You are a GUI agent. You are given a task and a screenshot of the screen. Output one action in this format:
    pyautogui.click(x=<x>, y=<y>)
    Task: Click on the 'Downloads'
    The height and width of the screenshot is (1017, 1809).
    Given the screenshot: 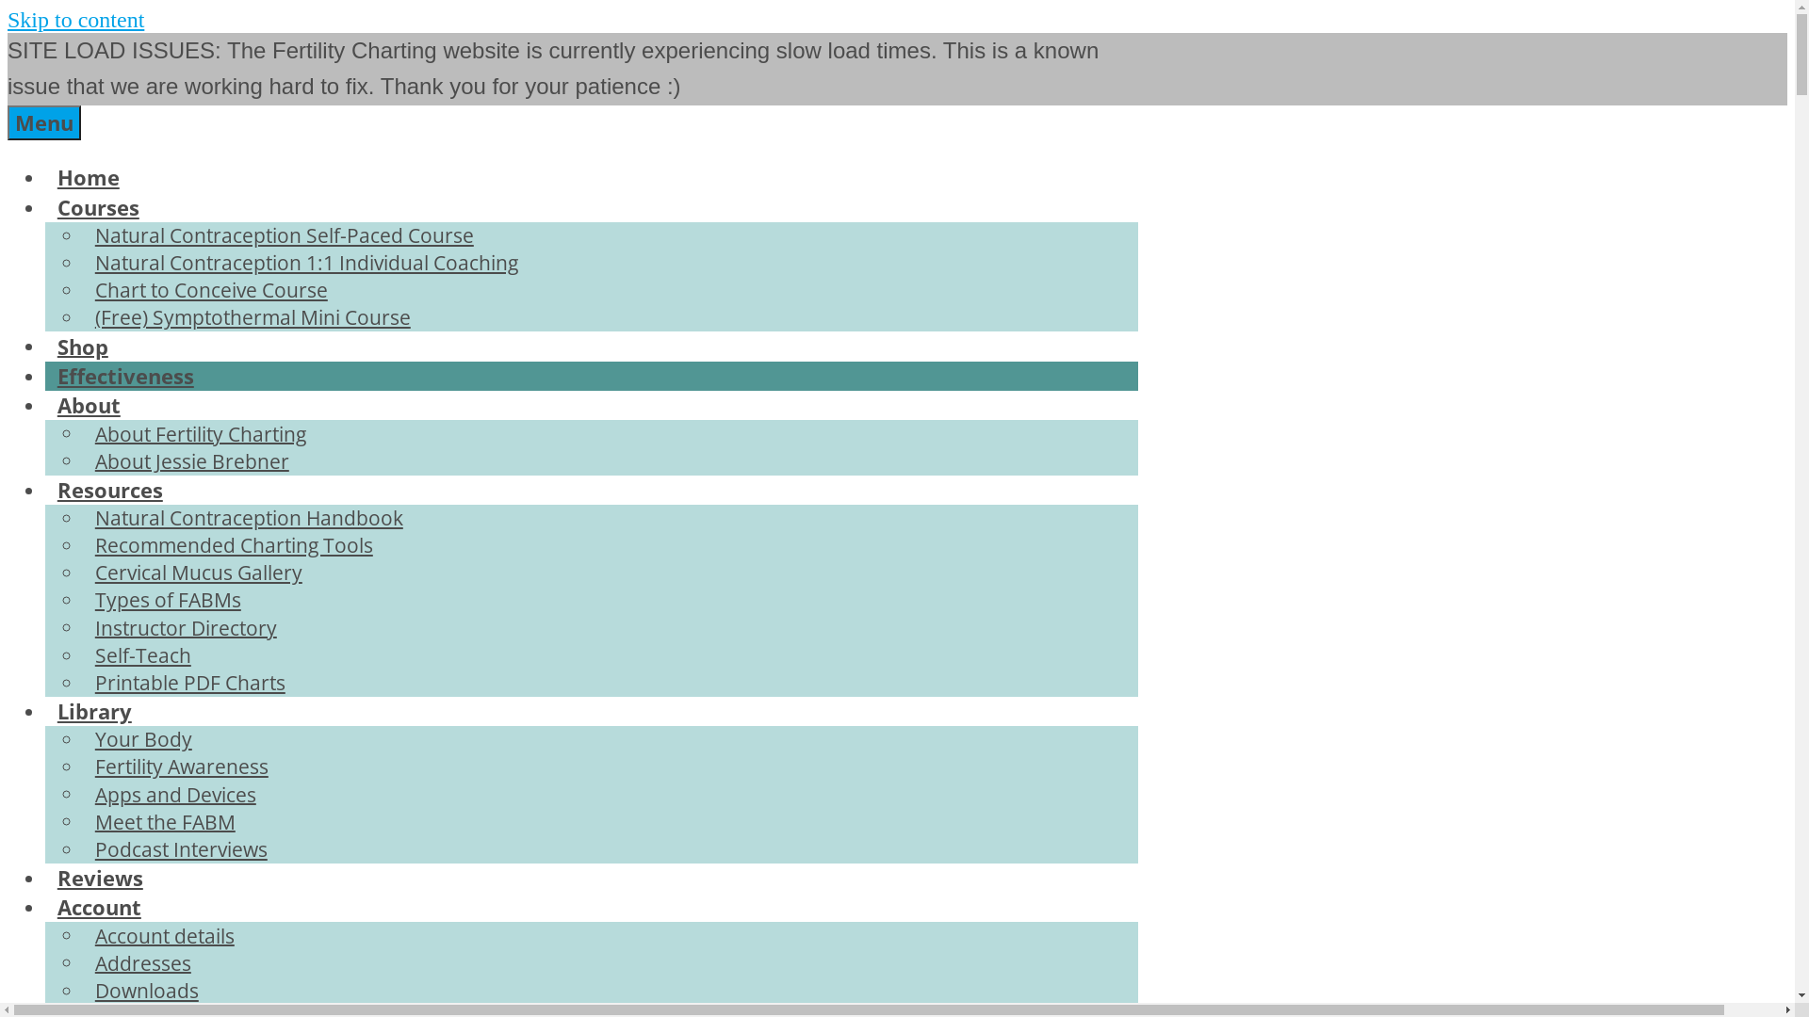 What is the action you would take?
    pyautogui.click(x=146, y=990)
    